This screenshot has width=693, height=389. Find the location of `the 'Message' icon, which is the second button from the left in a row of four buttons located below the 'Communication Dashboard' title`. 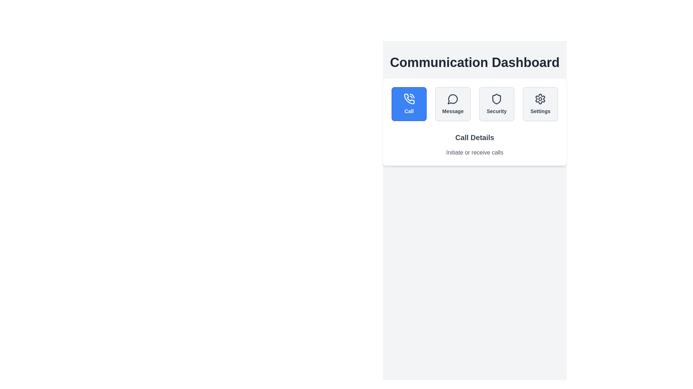

the 'Message' icon, which is the second button from the left in a row of four buttons located below the 'Communication Dashboard' title is located at coordinates (452, 99).